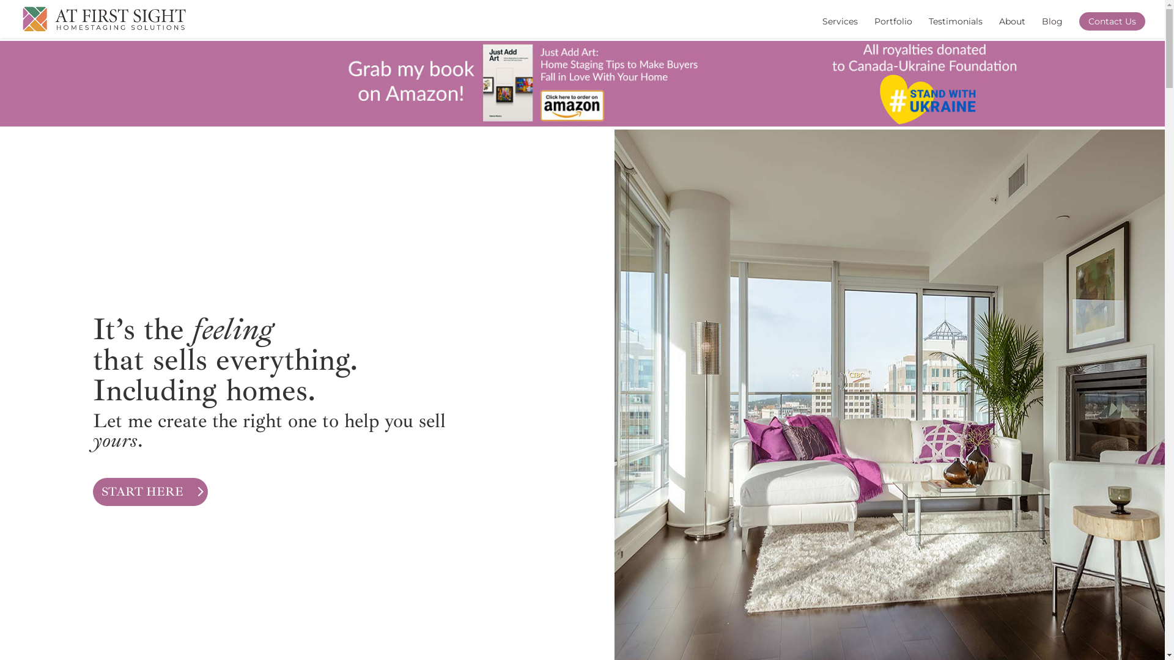  I want to click on 'About', so click(999, 28).